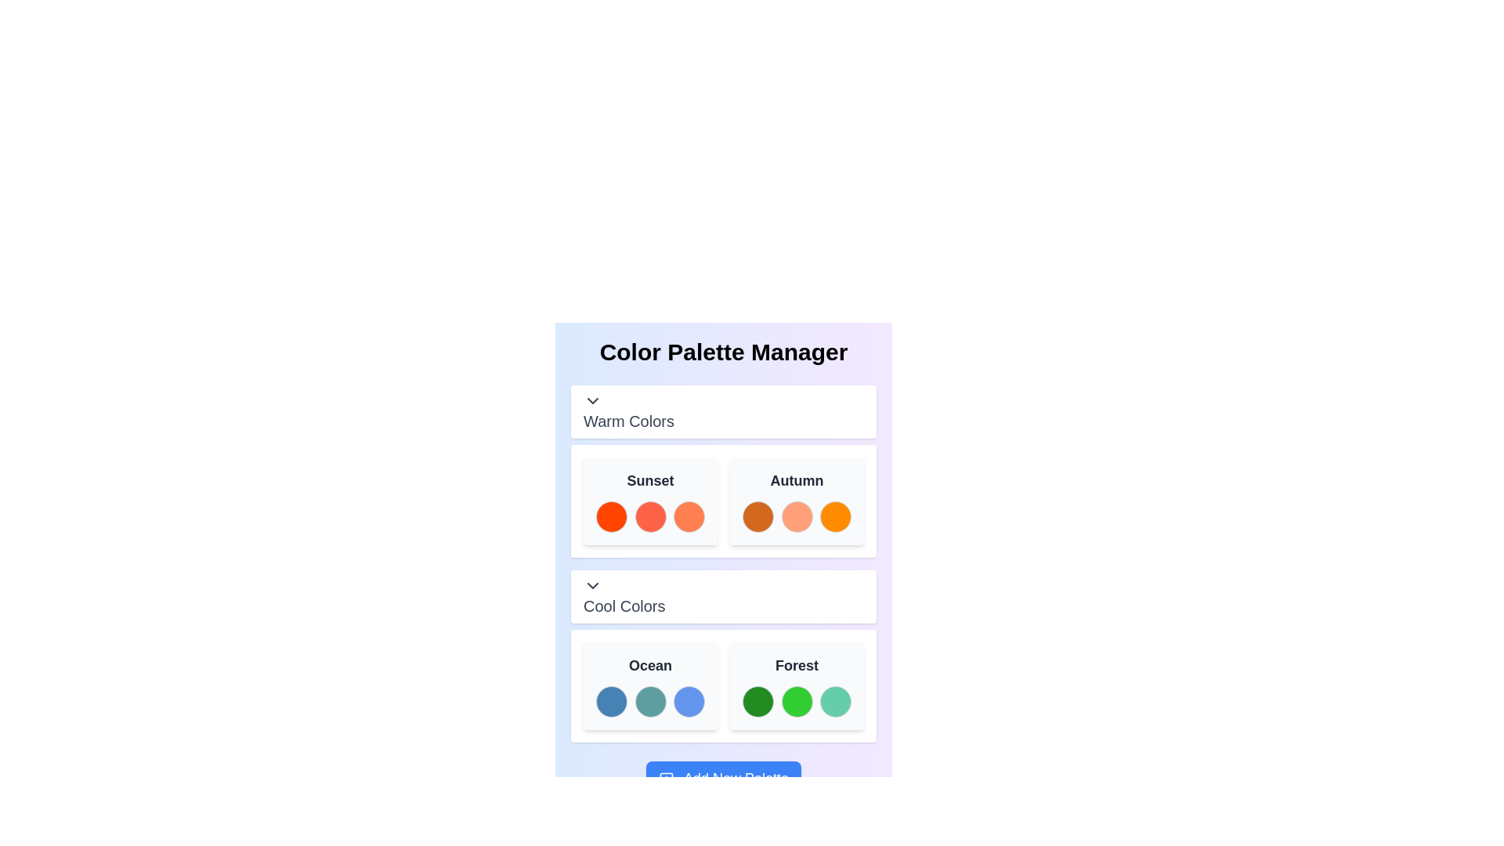 This screenshot has height=846, width=1504. What do you see at coordinates (650, 516) in the screenshot?
I see `the second circular color sample in the 'Sunset' category, which is a soft coral color with a light gray border, positioned centrally among three similar circles` at bounding box center [650, 516].